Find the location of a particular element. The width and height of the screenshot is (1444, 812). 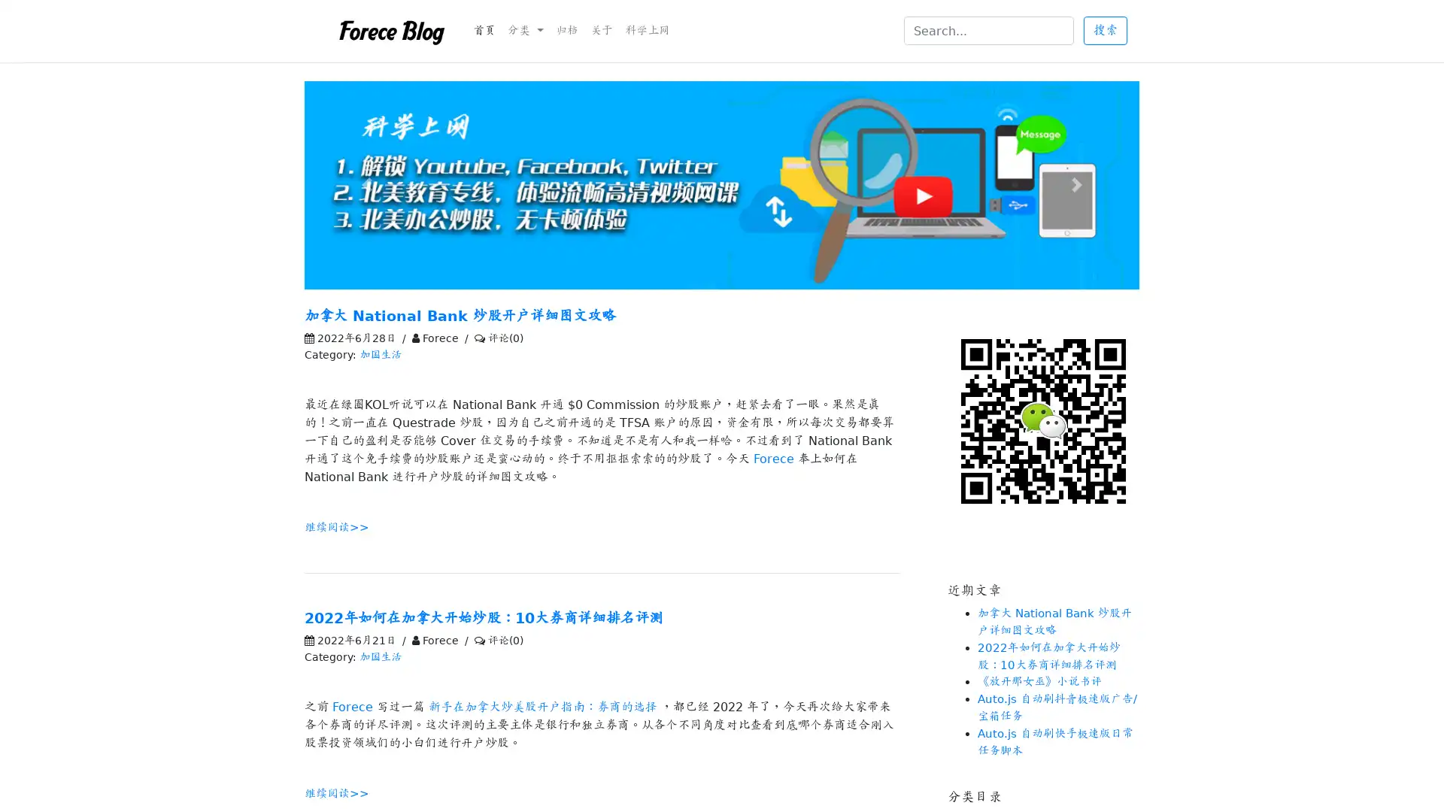

Previous is located at coordinates (367, 184).